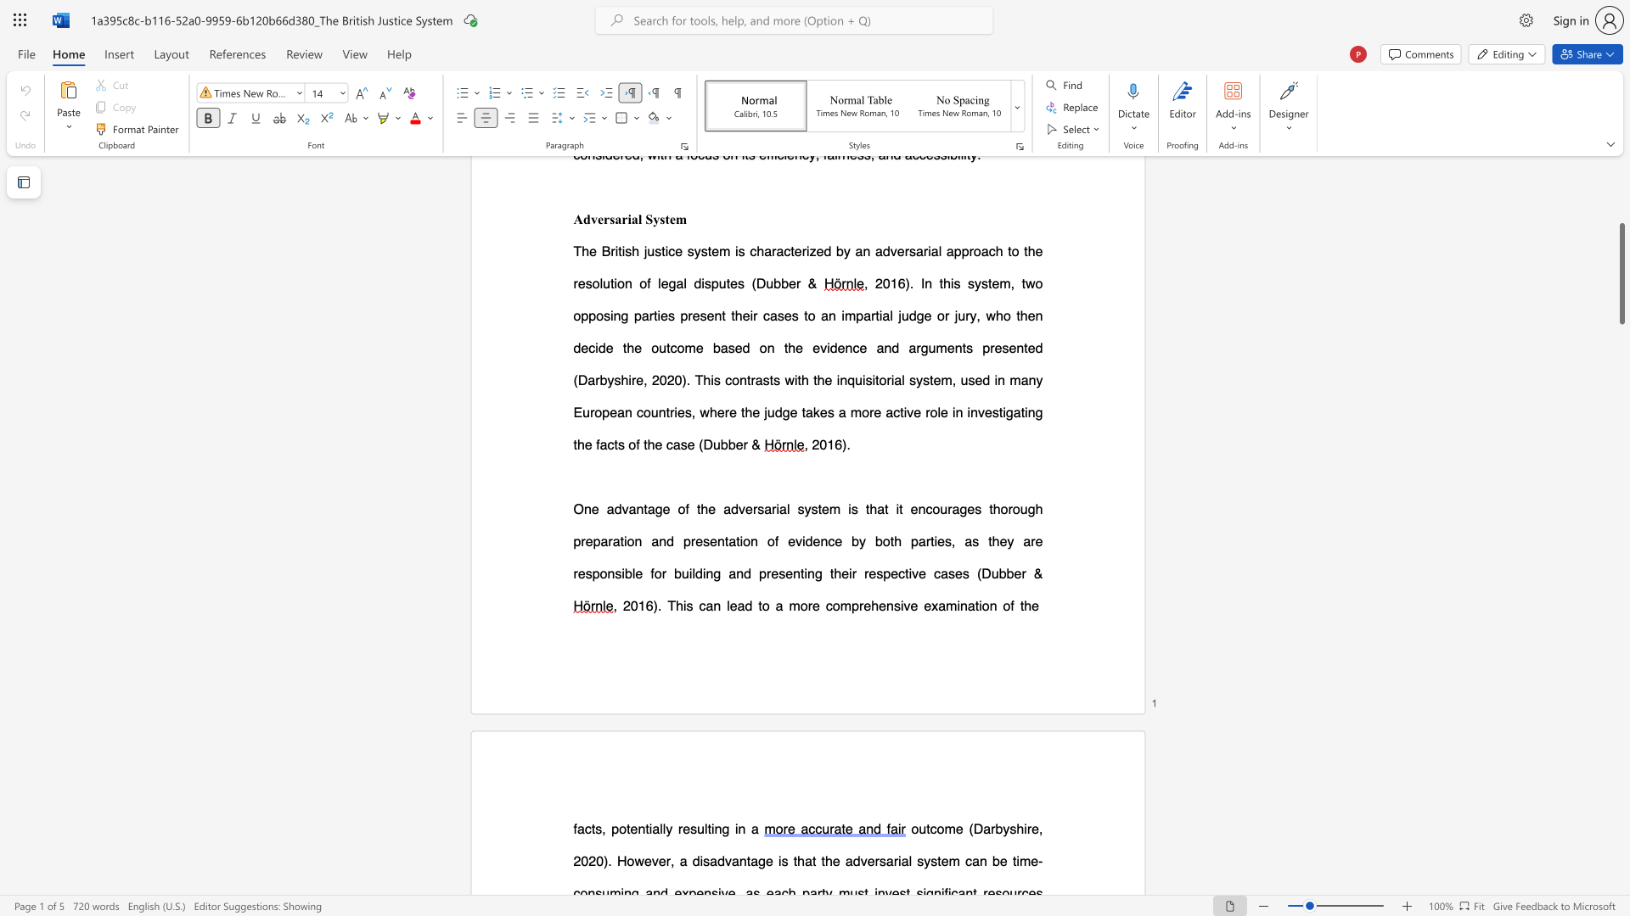 This screenshot has height=916, width=1630. I want to click on the subset text "on an" within the text "One advantage of the adversarial system is that it encourages thorough preparation and presentation of evidence by both parties, as they", so click(626, 541).